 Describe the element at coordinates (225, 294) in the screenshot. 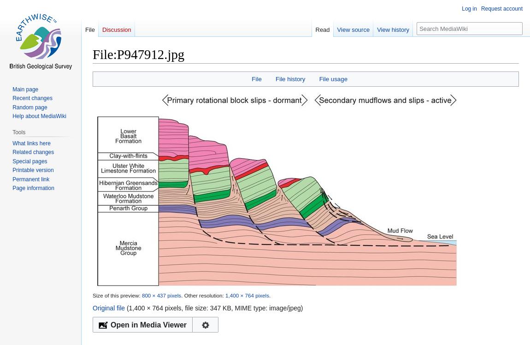

I see `'1,400 × 764 pixels'` at that location.